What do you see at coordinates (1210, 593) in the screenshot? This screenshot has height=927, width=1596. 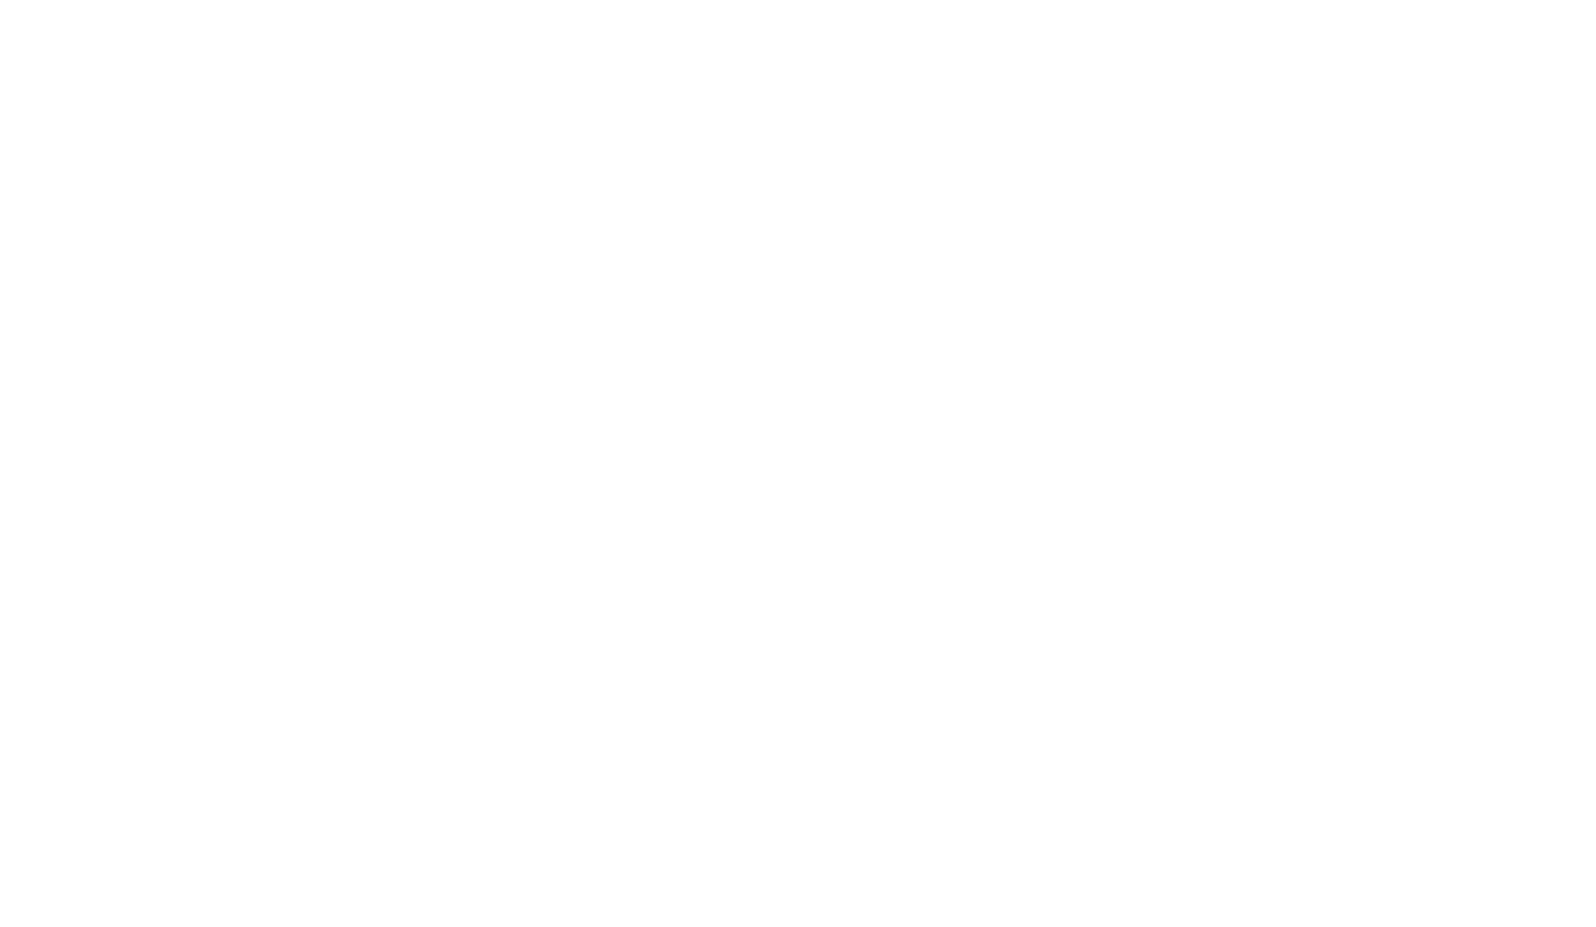 I see `'Spotted par Martita'` at bounding box center [1210, 593].